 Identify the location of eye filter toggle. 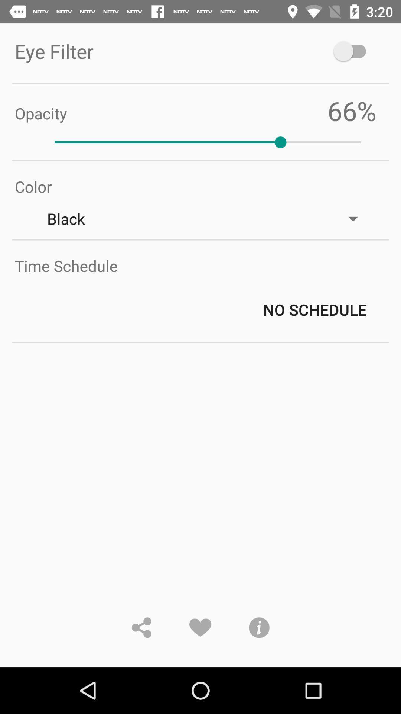
(353, 51).